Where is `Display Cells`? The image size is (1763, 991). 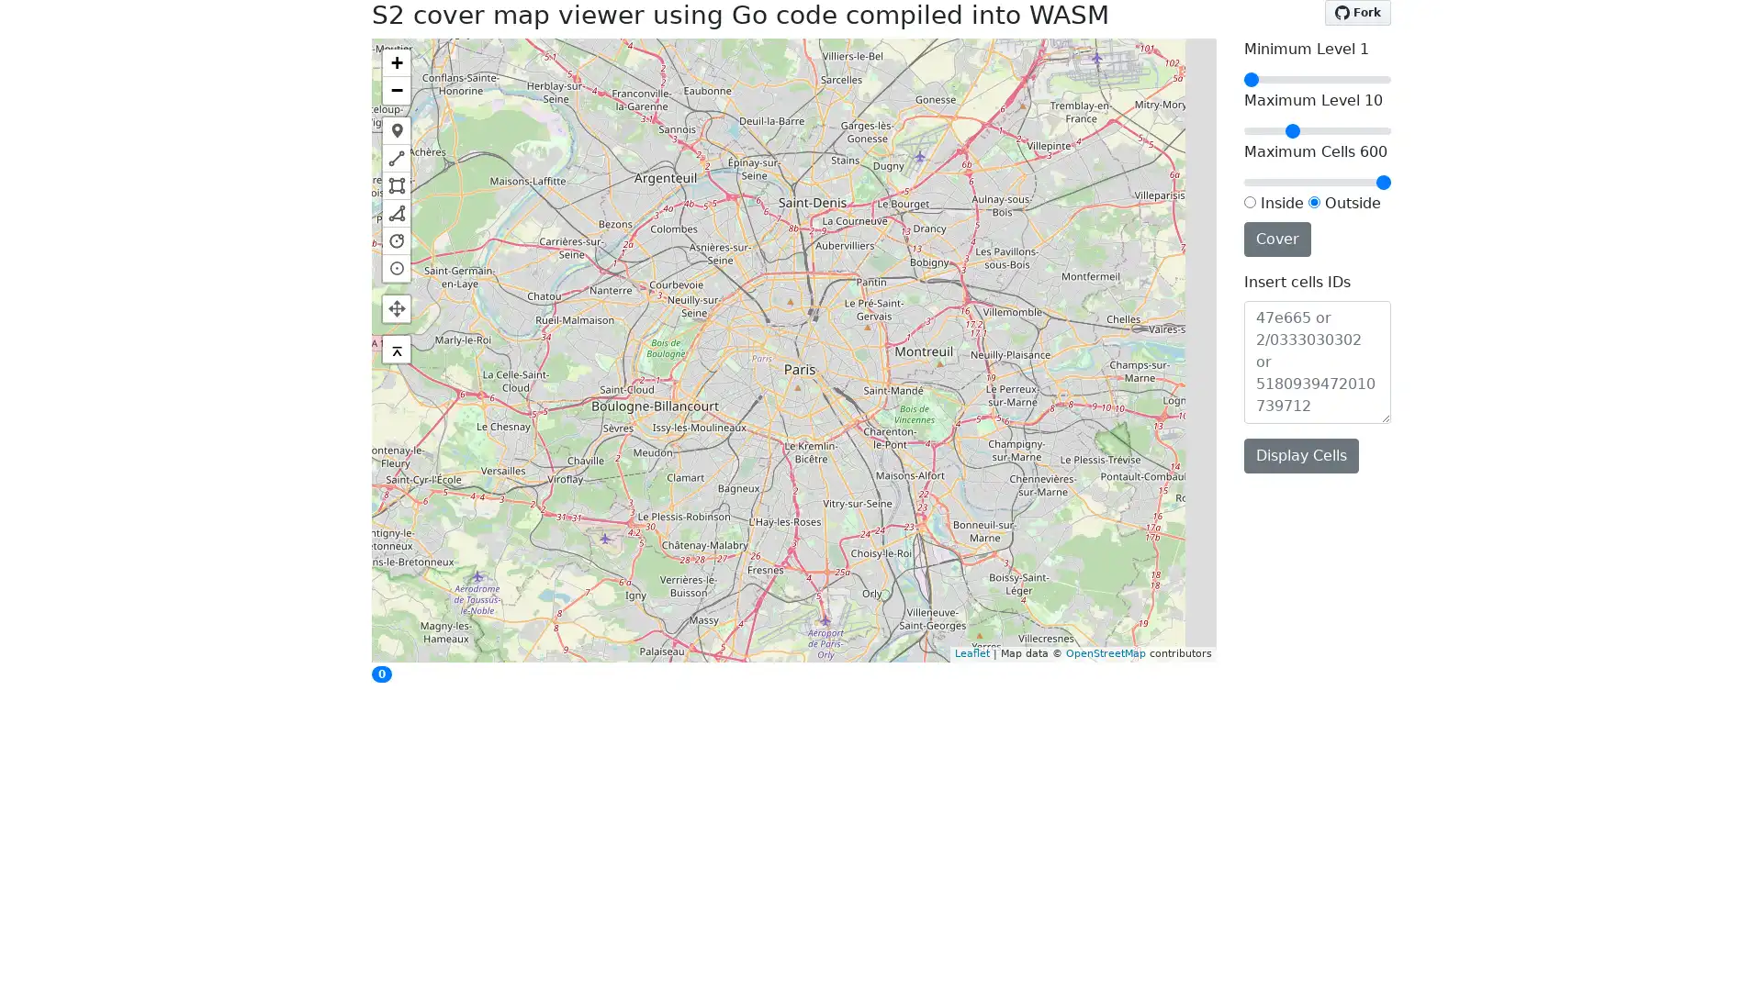
Display Cells is located at coordinates (1300, 454).